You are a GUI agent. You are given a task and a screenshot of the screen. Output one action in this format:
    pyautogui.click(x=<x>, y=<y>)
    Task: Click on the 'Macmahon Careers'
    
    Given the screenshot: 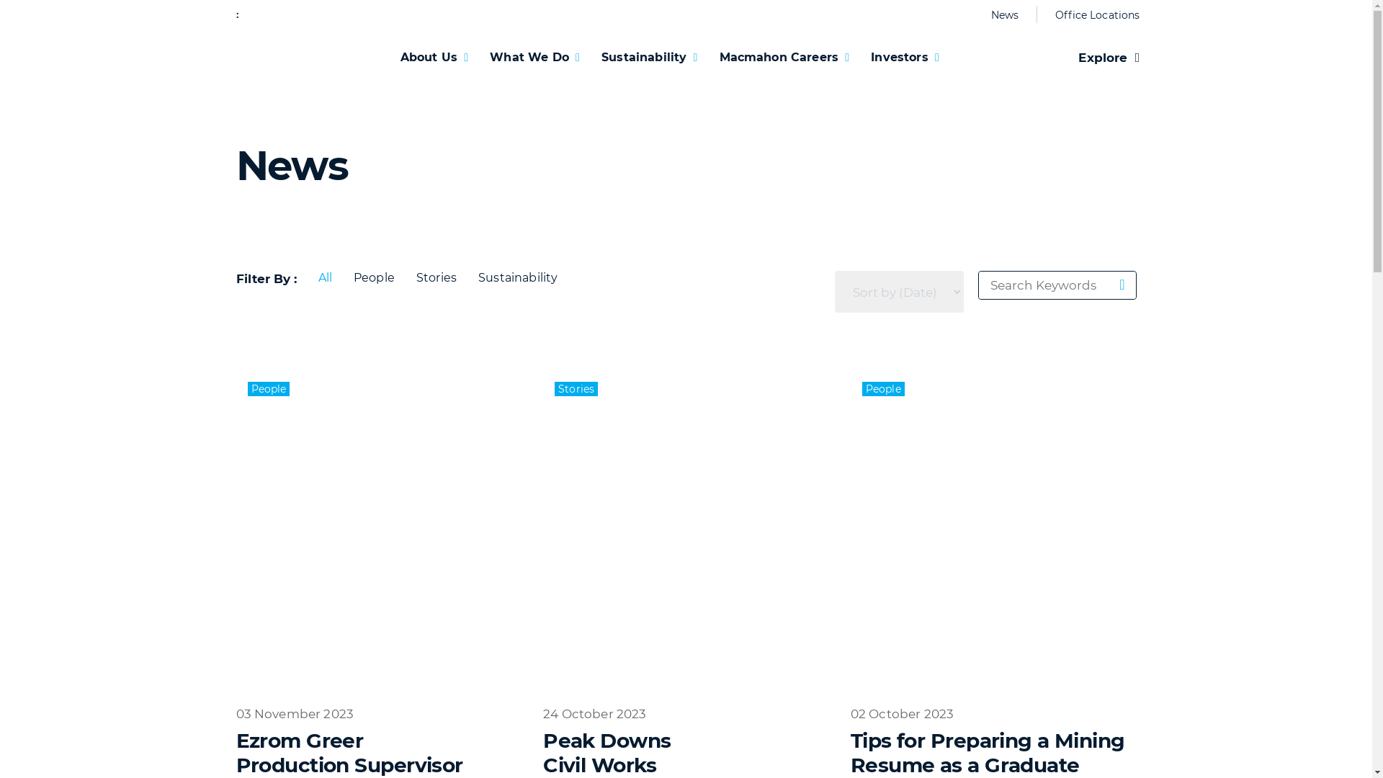 What is the action you would take?
    pyautogui.click(x=784, y=56)
    